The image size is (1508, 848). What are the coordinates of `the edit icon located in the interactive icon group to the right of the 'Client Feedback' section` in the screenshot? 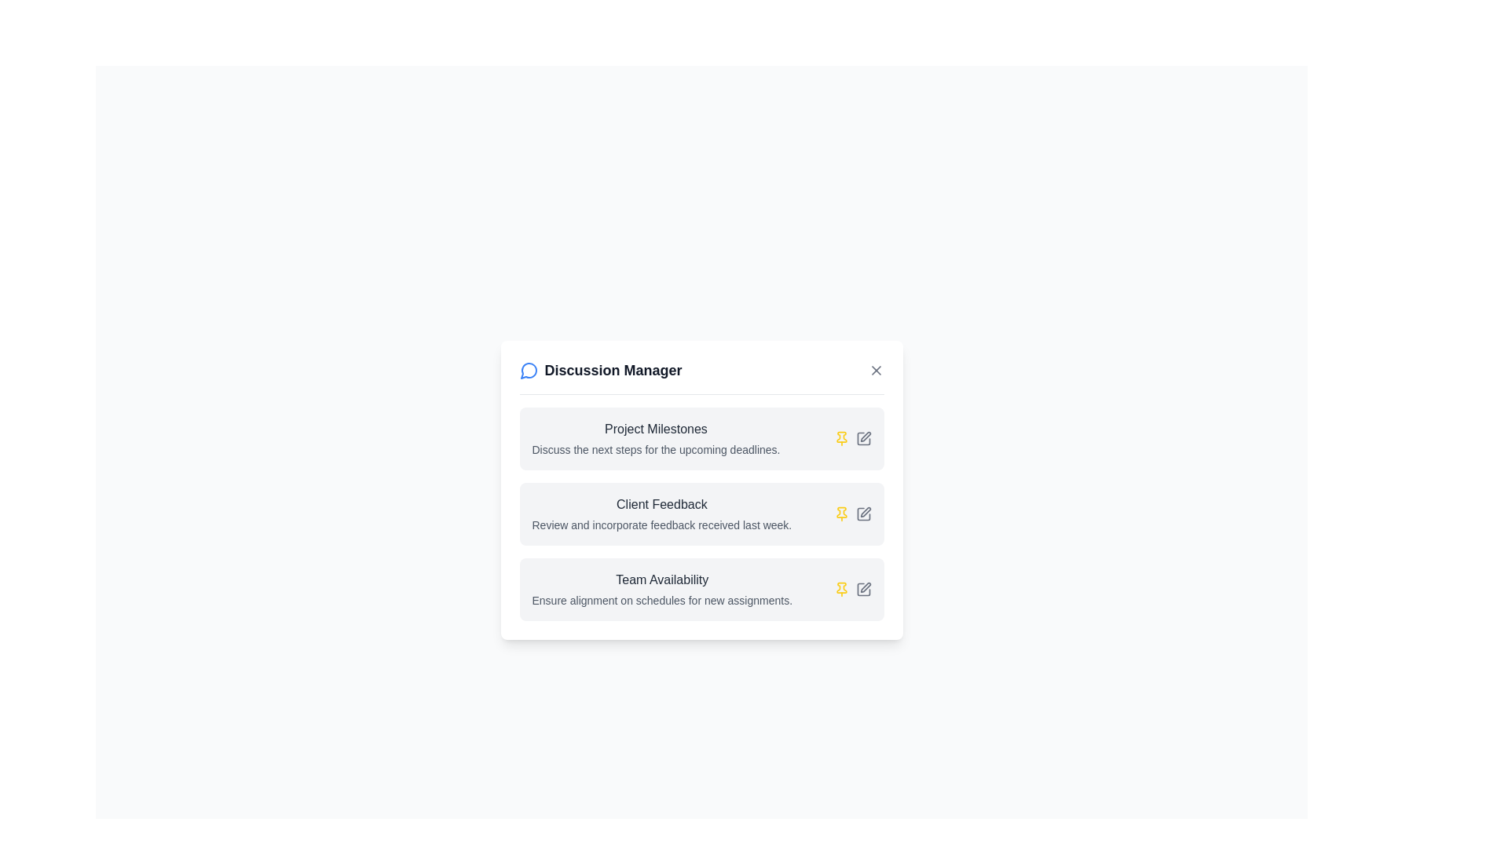 It's located at (851, 514).